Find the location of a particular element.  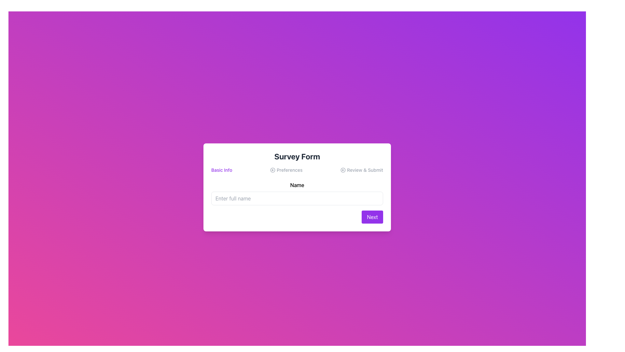

the circular arrow icon, which resembles a 'back' action symbol, located to the left of the 'Preferences' text in the navigation area is located at coordinates (272, 169).